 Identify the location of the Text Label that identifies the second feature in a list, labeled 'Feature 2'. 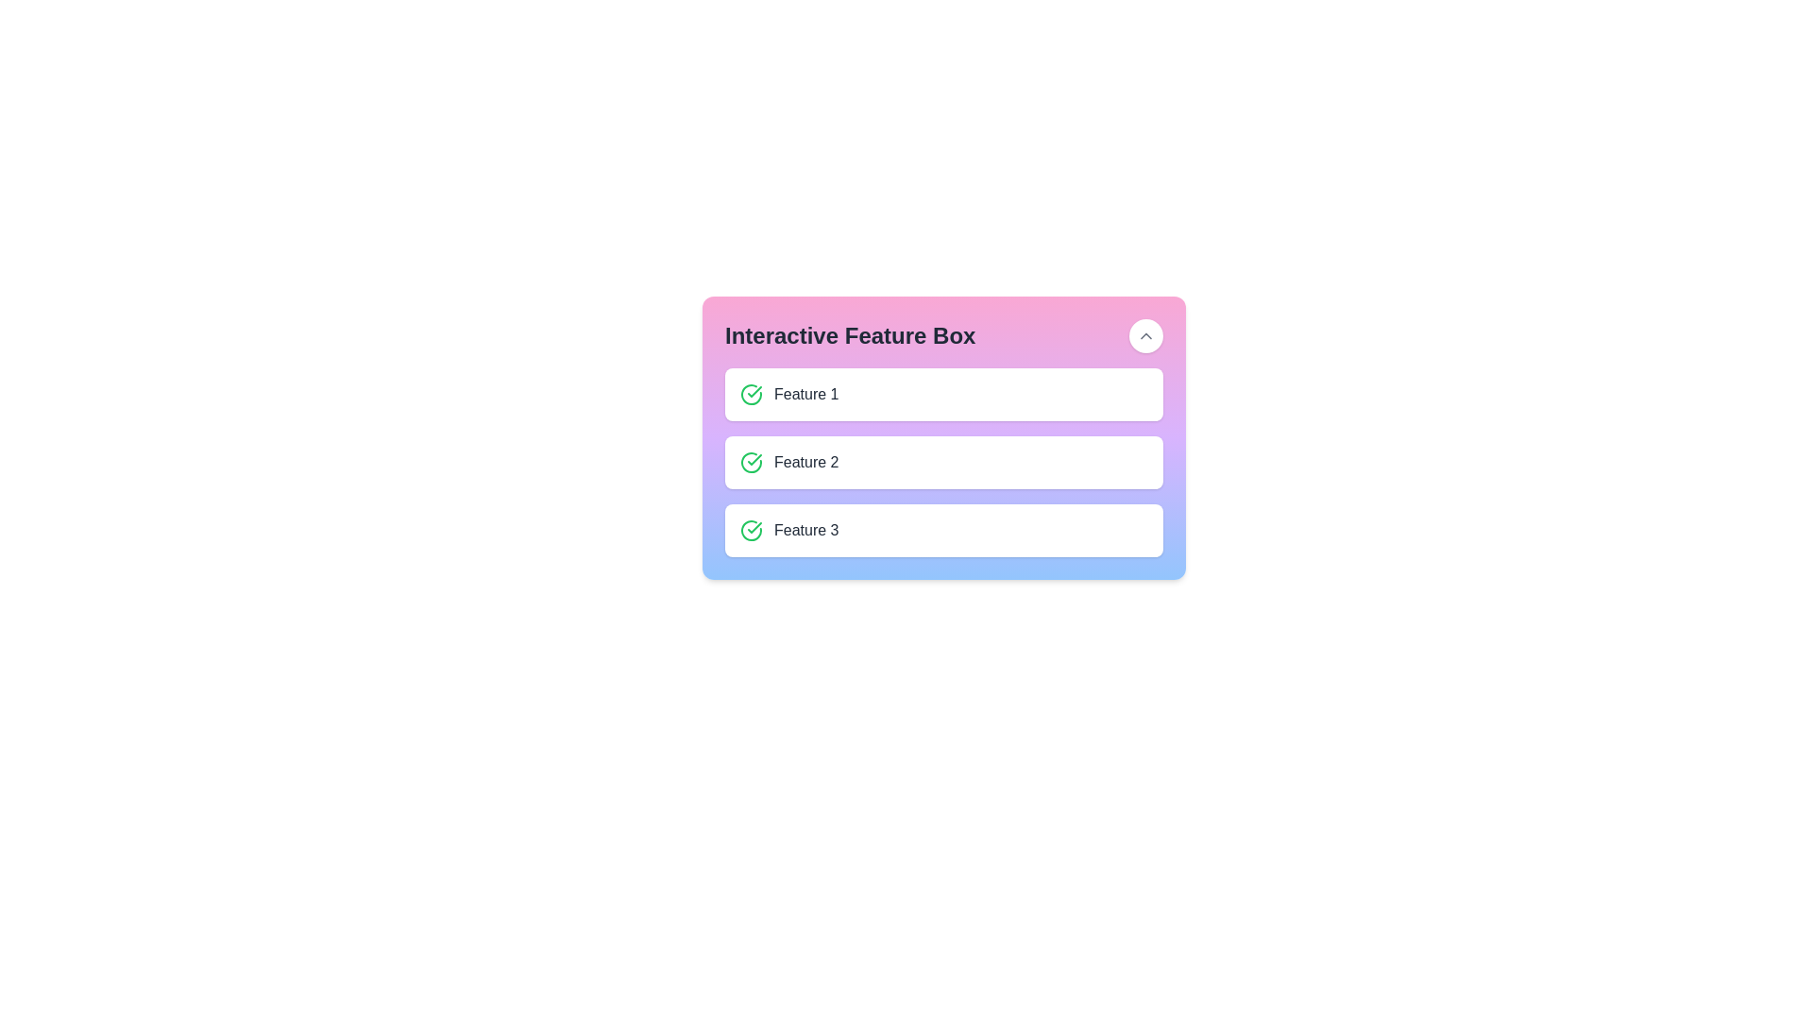
(806, 462).